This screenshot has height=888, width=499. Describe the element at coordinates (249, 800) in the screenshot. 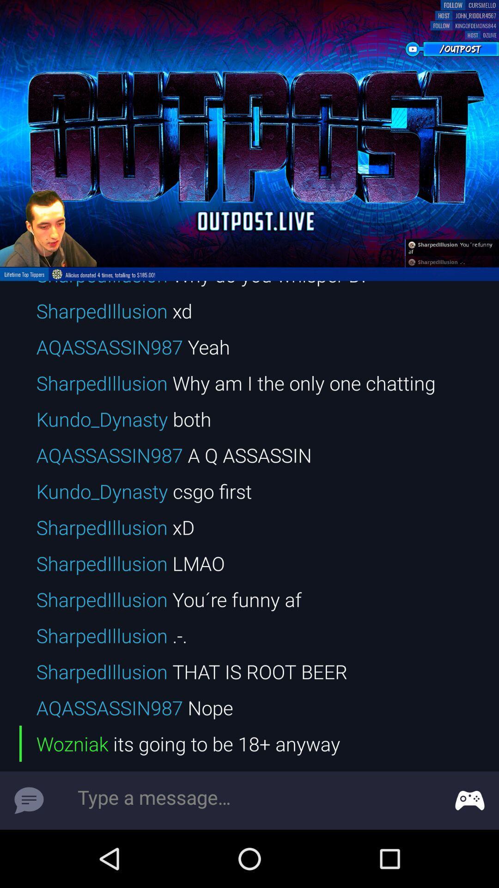

I see `message texting space` at that location.